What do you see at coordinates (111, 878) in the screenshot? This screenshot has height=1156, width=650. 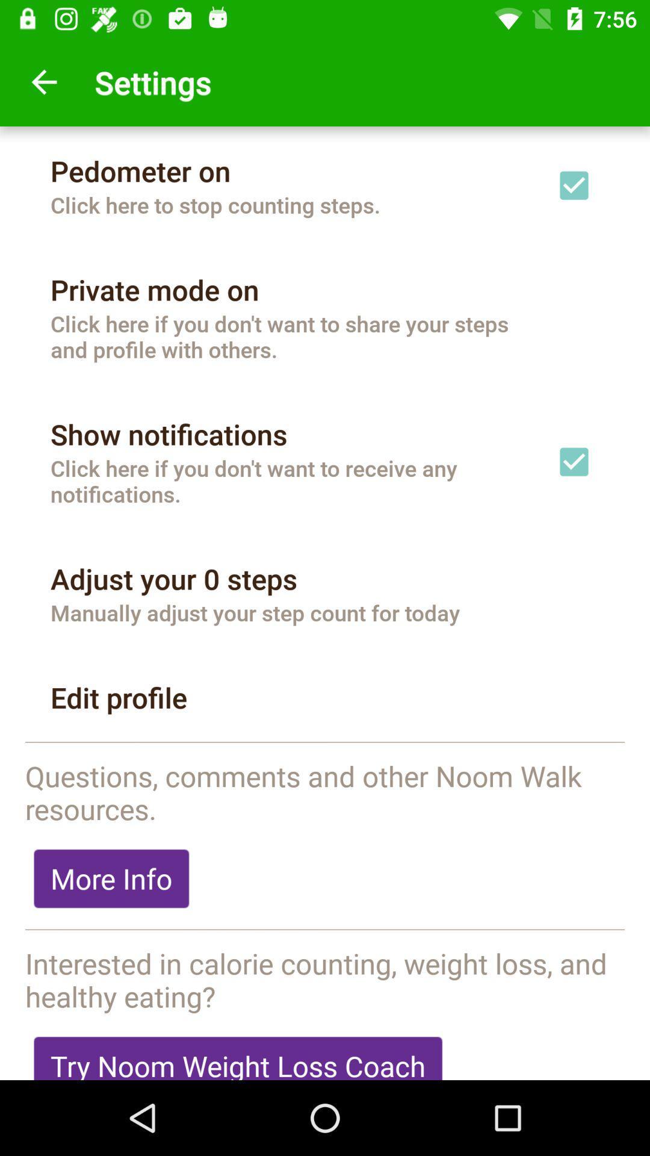 I see `more info icon` at bounding box center [111, 878].